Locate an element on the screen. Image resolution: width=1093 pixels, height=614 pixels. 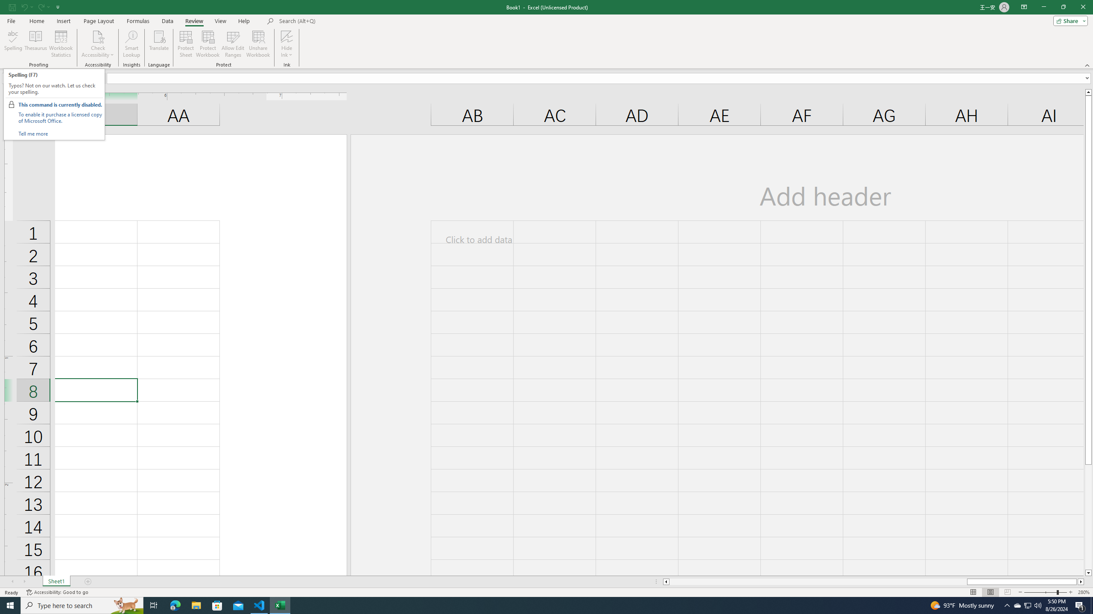
'Allow Edit Ranges' is located at coordinates (233, 44).